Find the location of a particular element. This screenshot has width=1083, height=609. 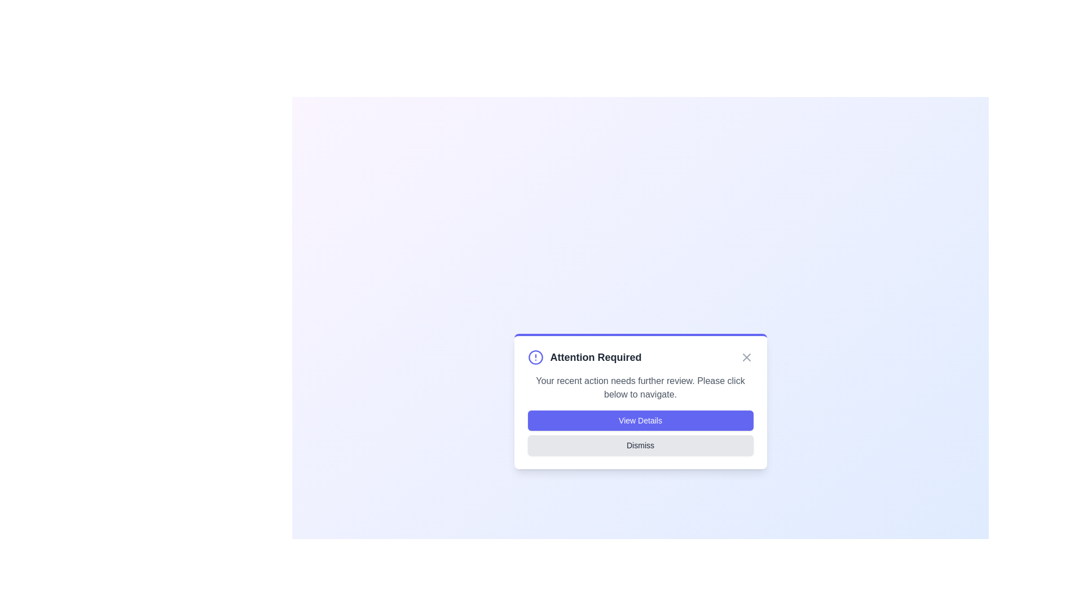

the 'View Details' button to navigate to the details page is located at coordinates (640, 420).